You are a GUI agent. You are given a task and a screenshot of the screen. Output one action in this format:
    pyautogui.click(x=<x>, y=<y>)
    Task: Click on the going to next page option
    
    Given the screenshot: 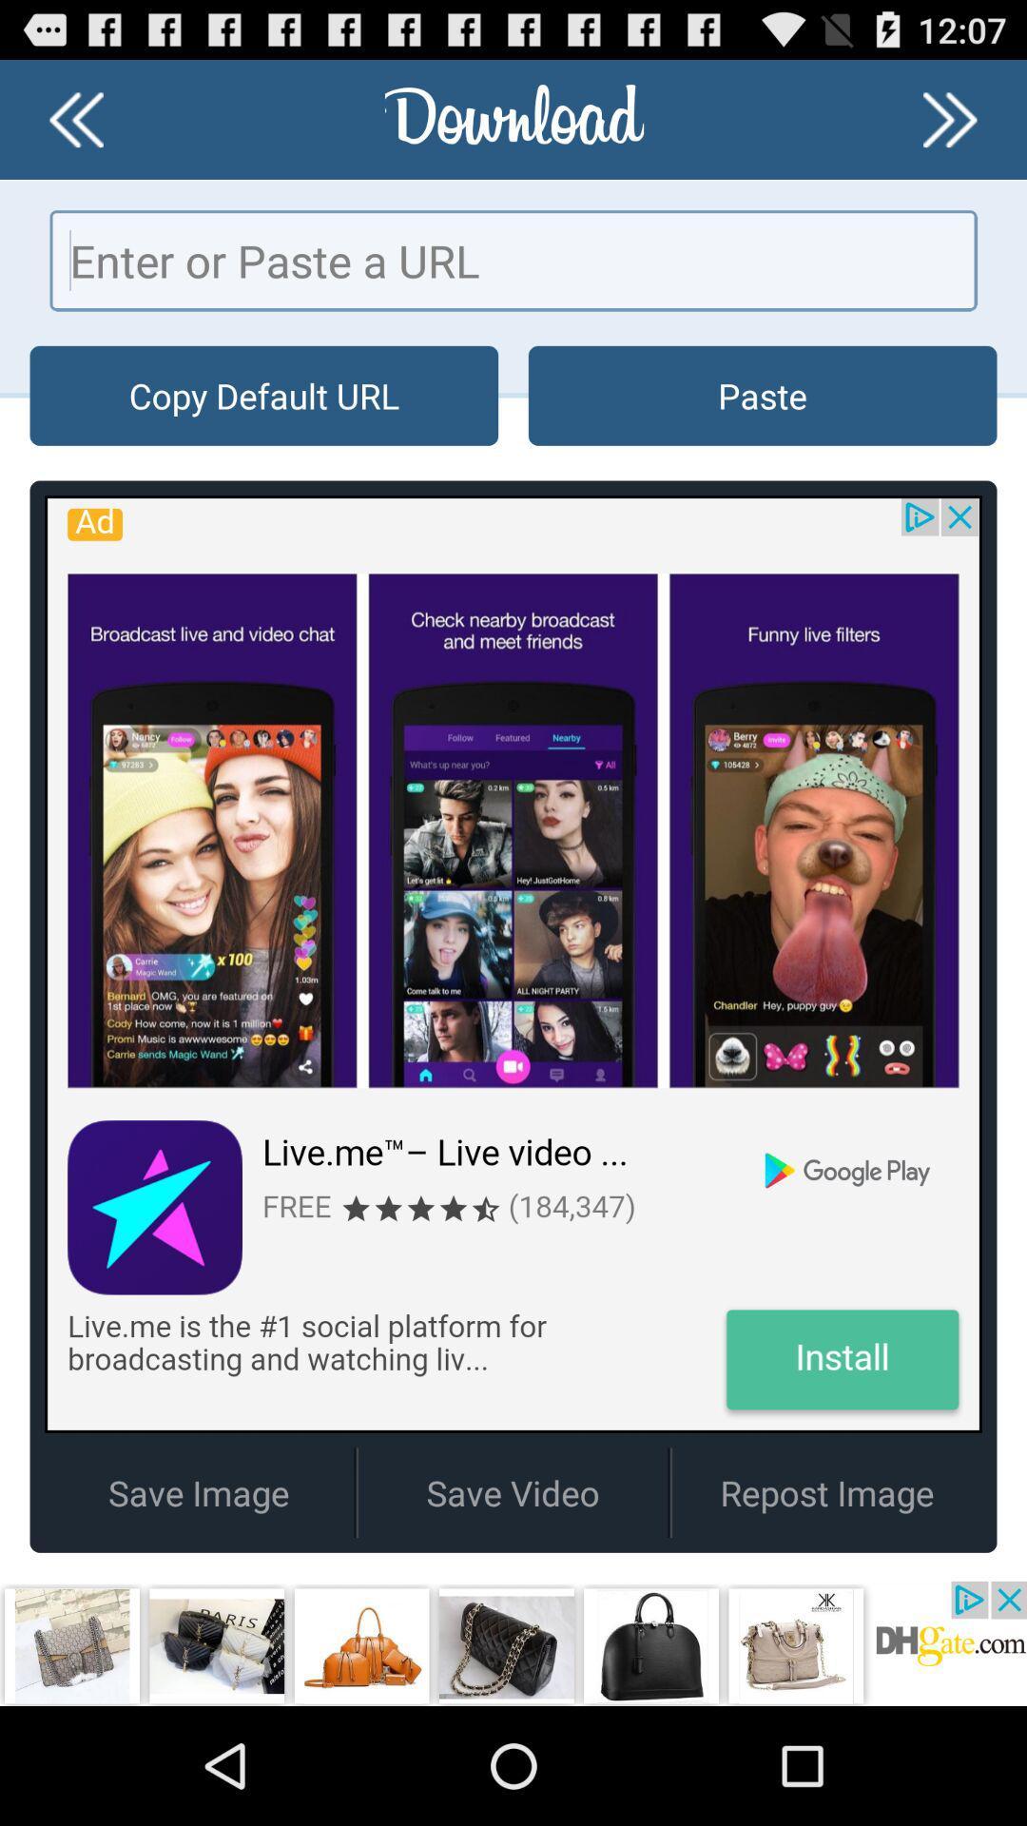 What is the action you would take?
    pyautogui.click(x=950, y=118)
    